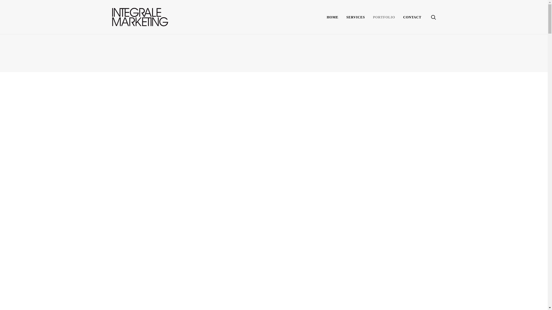  Describe the element at coordinates (369, 17) in the screenshot. I see `'PORTFOLIO'` at that location.